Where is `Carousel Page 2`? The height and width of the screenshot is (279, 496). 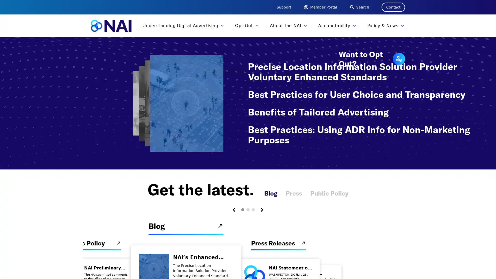
Carousel Page 2 is located at coordinates (248, 210).